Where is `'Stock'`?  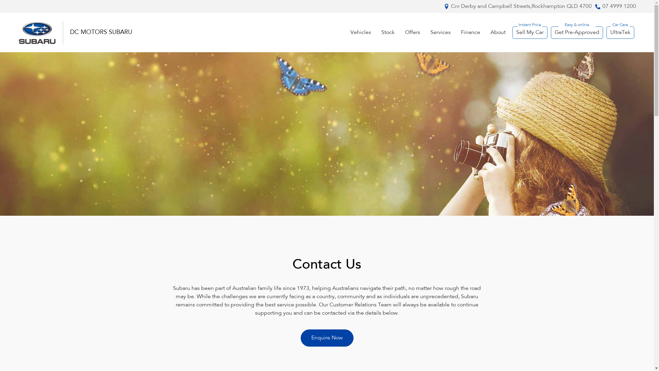 'Stock' is located at coordinates (388, 33).